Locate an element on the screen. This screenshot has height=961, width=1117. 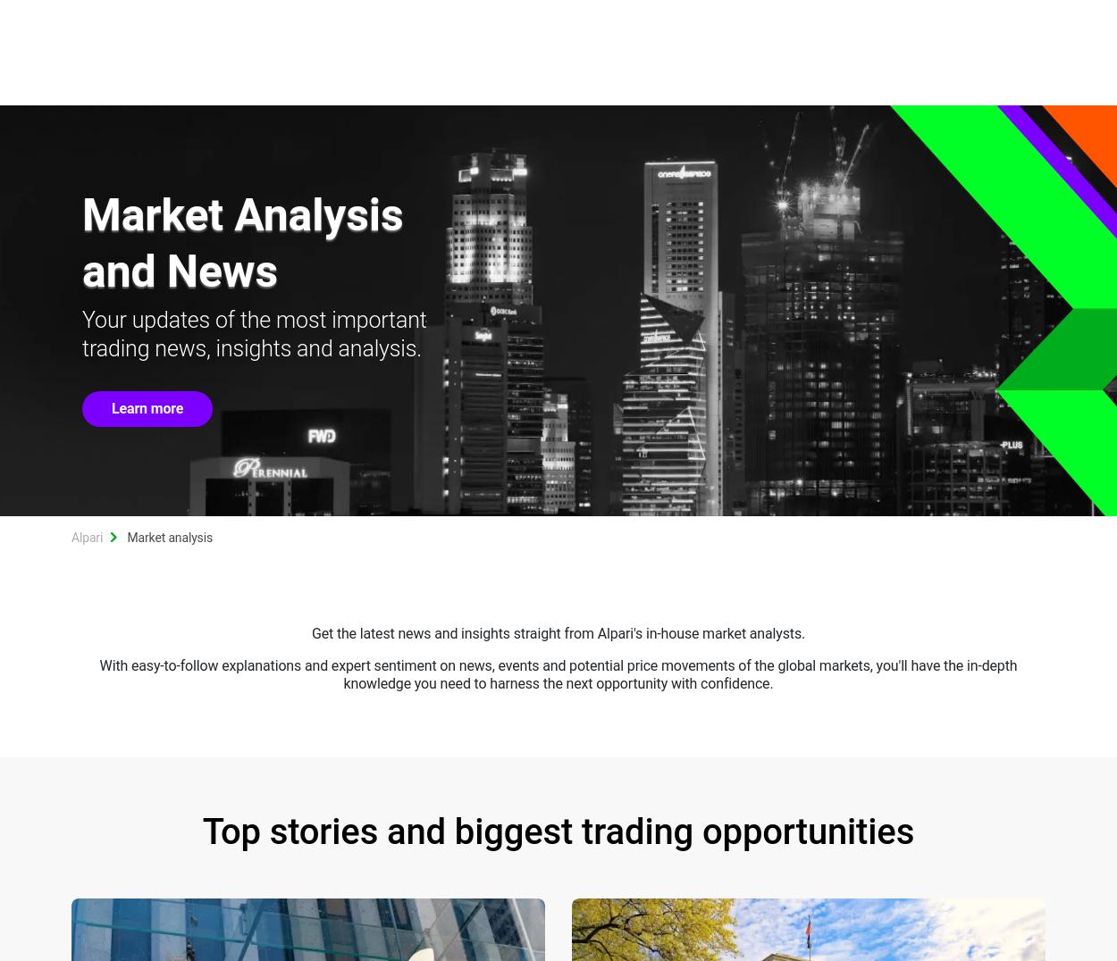
'OPEN ACCOUNT' is located at coordinates (881, 20).